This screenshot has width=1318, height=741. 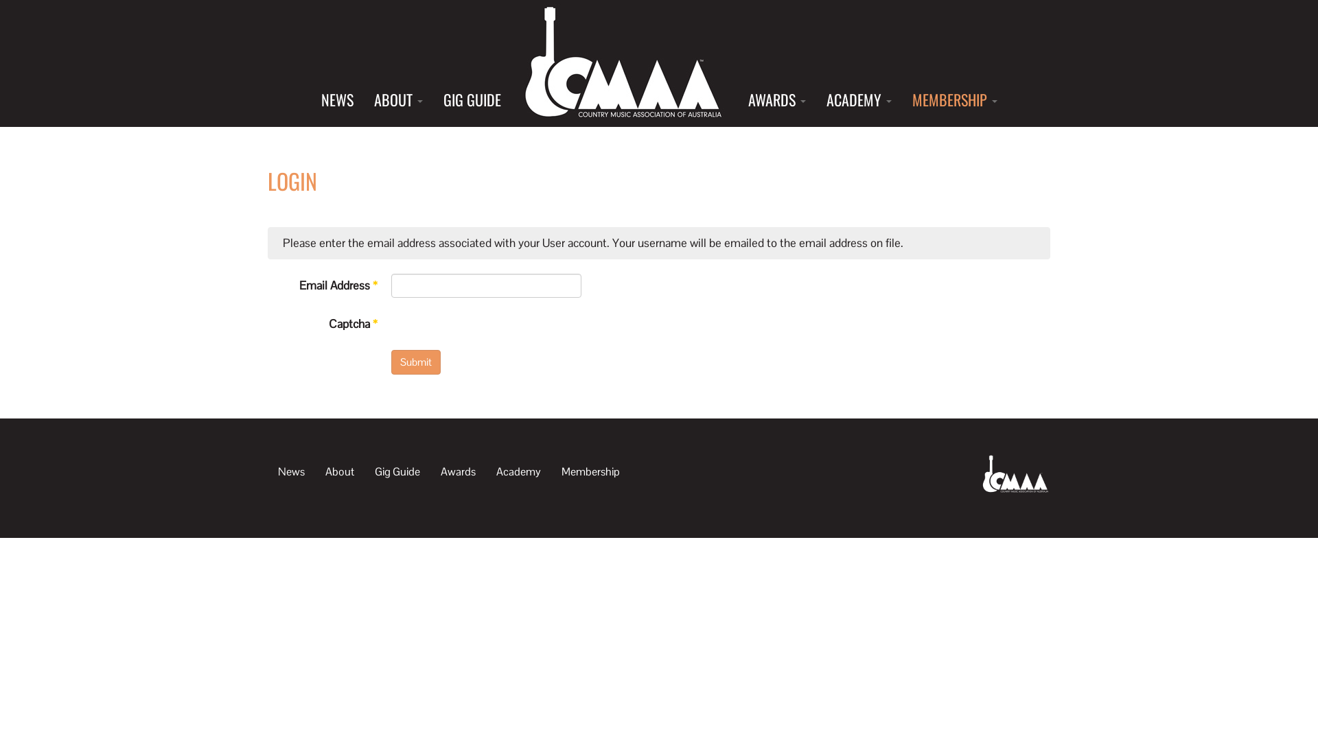 What do you see at coordinates (365, 470) in the screenshot?
I see `'Gig Guide'` at bounding box center [365, 470].